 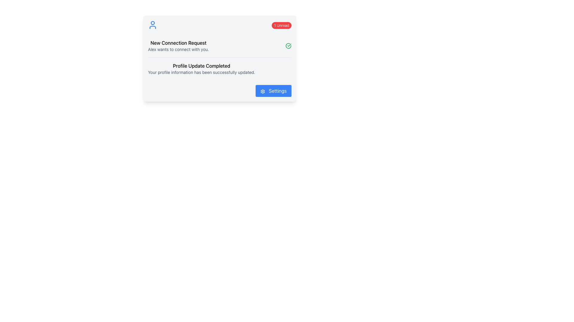 What do you see at coordinates (178, 42) in the screenshot?
I see `the static Text Label indicating 'New Connection Request' at the top of the notification card` at bounding box center [178, 42].